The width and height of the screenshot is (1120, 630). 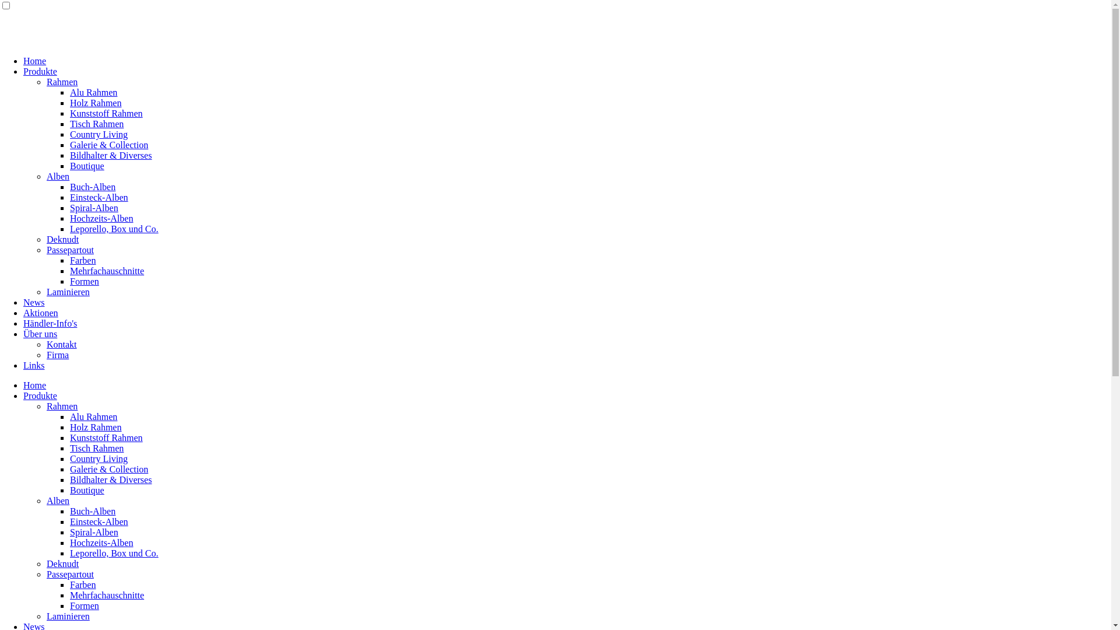 I want to click on 'Galerie & Collection', so click(x=109, y=468).